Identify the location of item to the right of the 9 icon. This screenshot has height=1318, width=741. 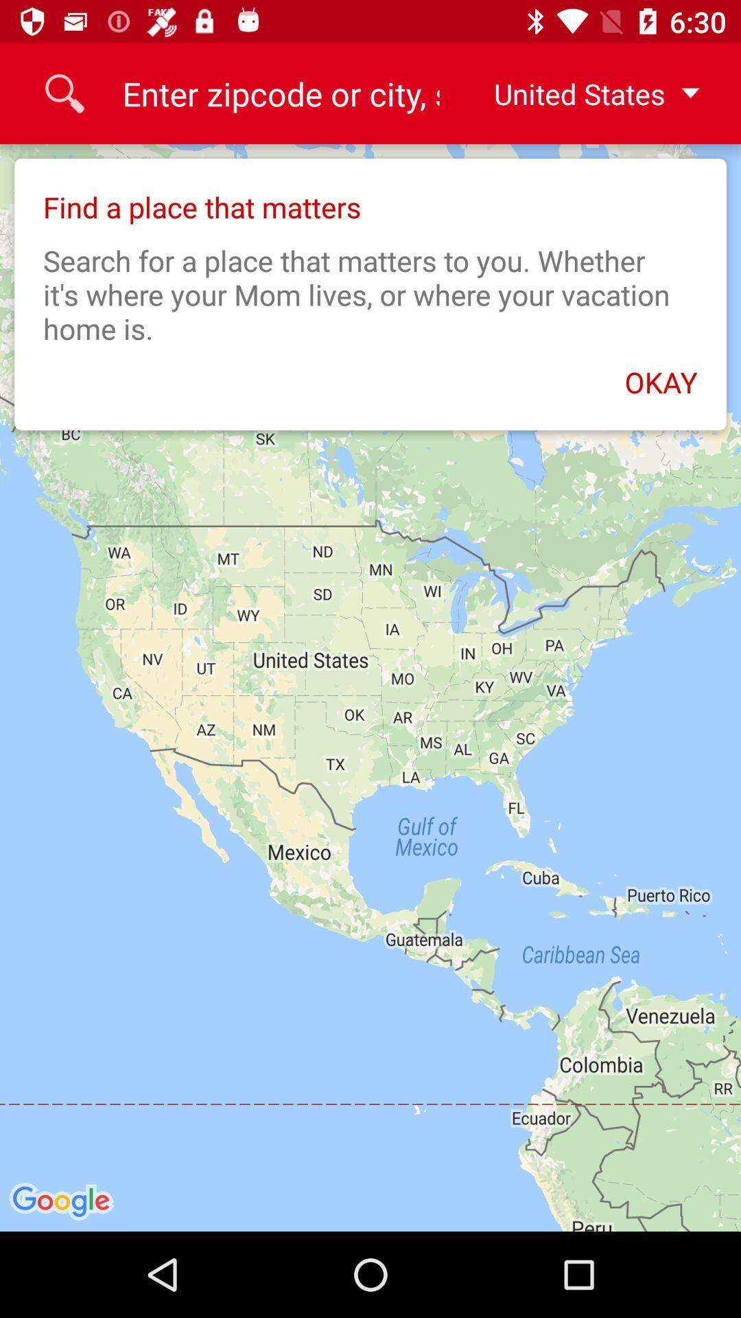
(585, 93).